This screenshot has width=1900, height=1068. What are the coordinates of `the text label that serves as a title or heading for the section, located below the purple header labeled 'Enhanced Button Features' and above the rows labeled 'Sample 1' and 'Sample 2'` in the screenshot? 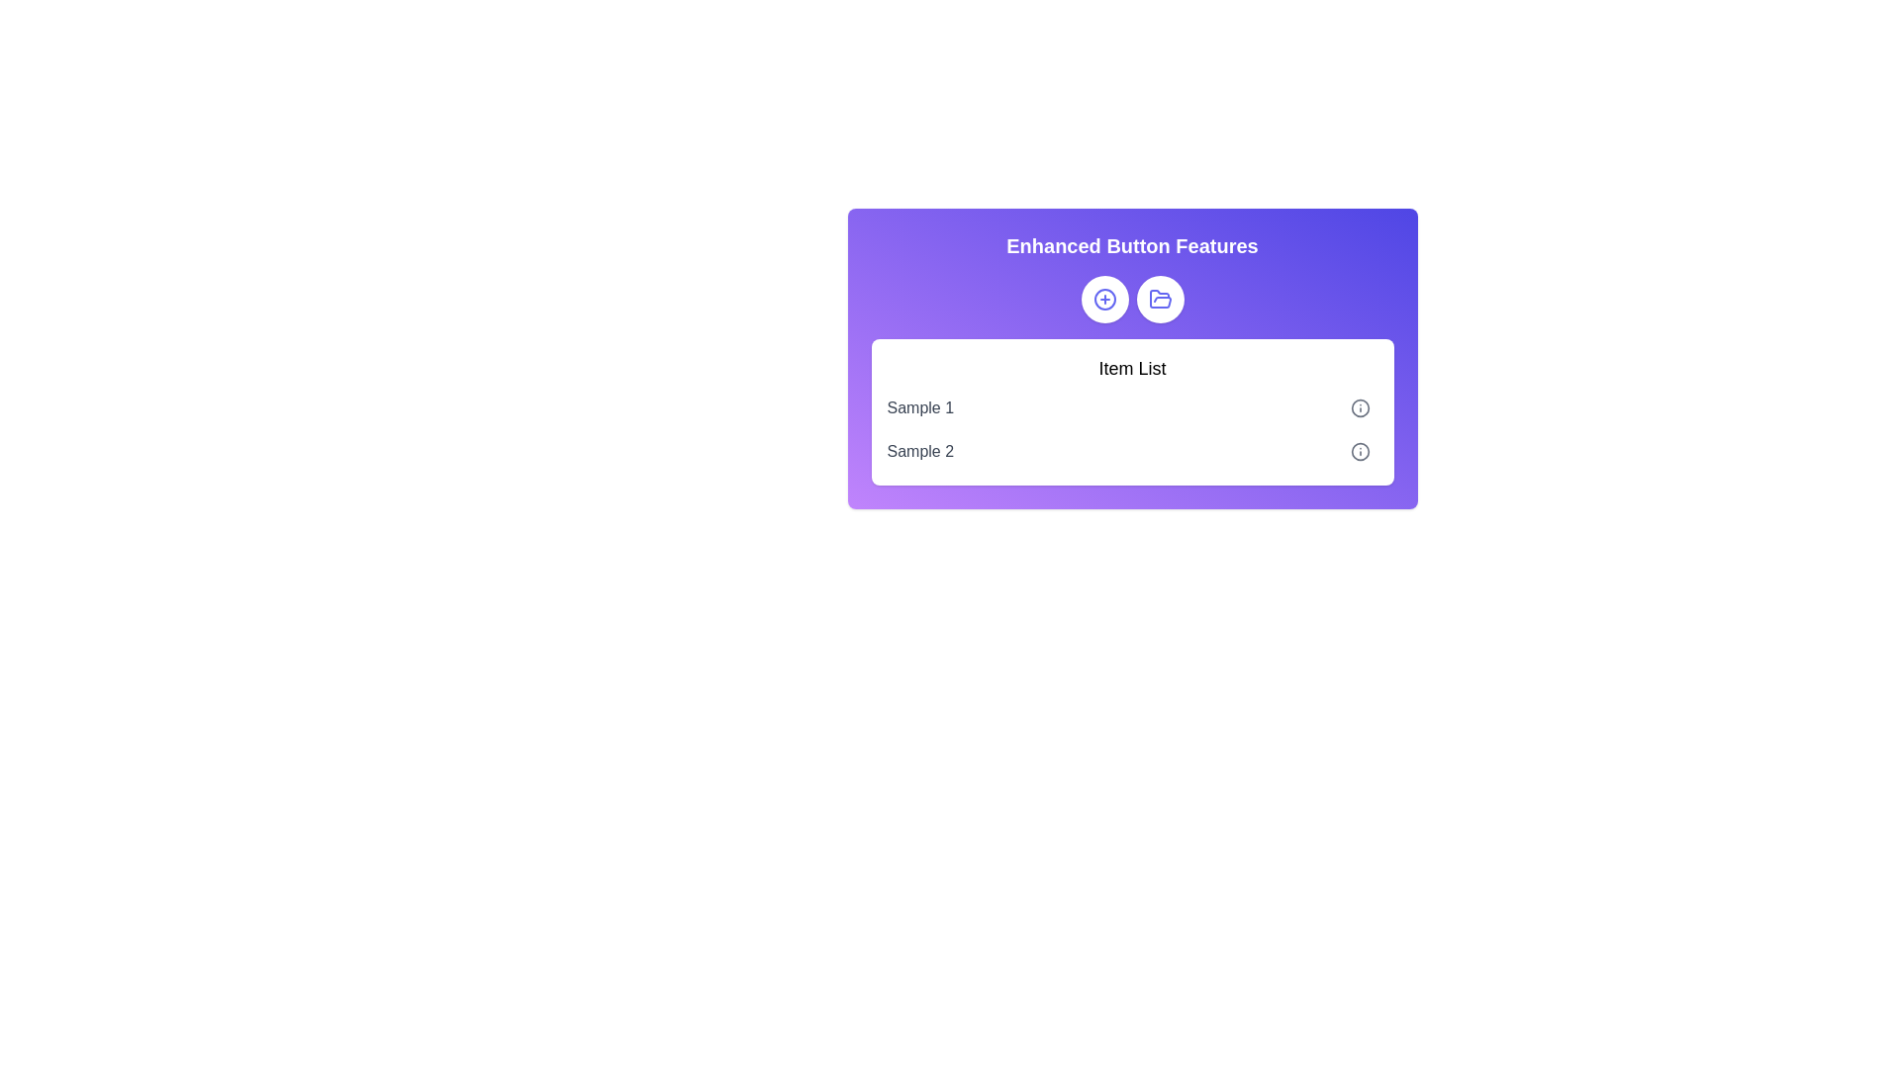 It's located at (1132, 369).